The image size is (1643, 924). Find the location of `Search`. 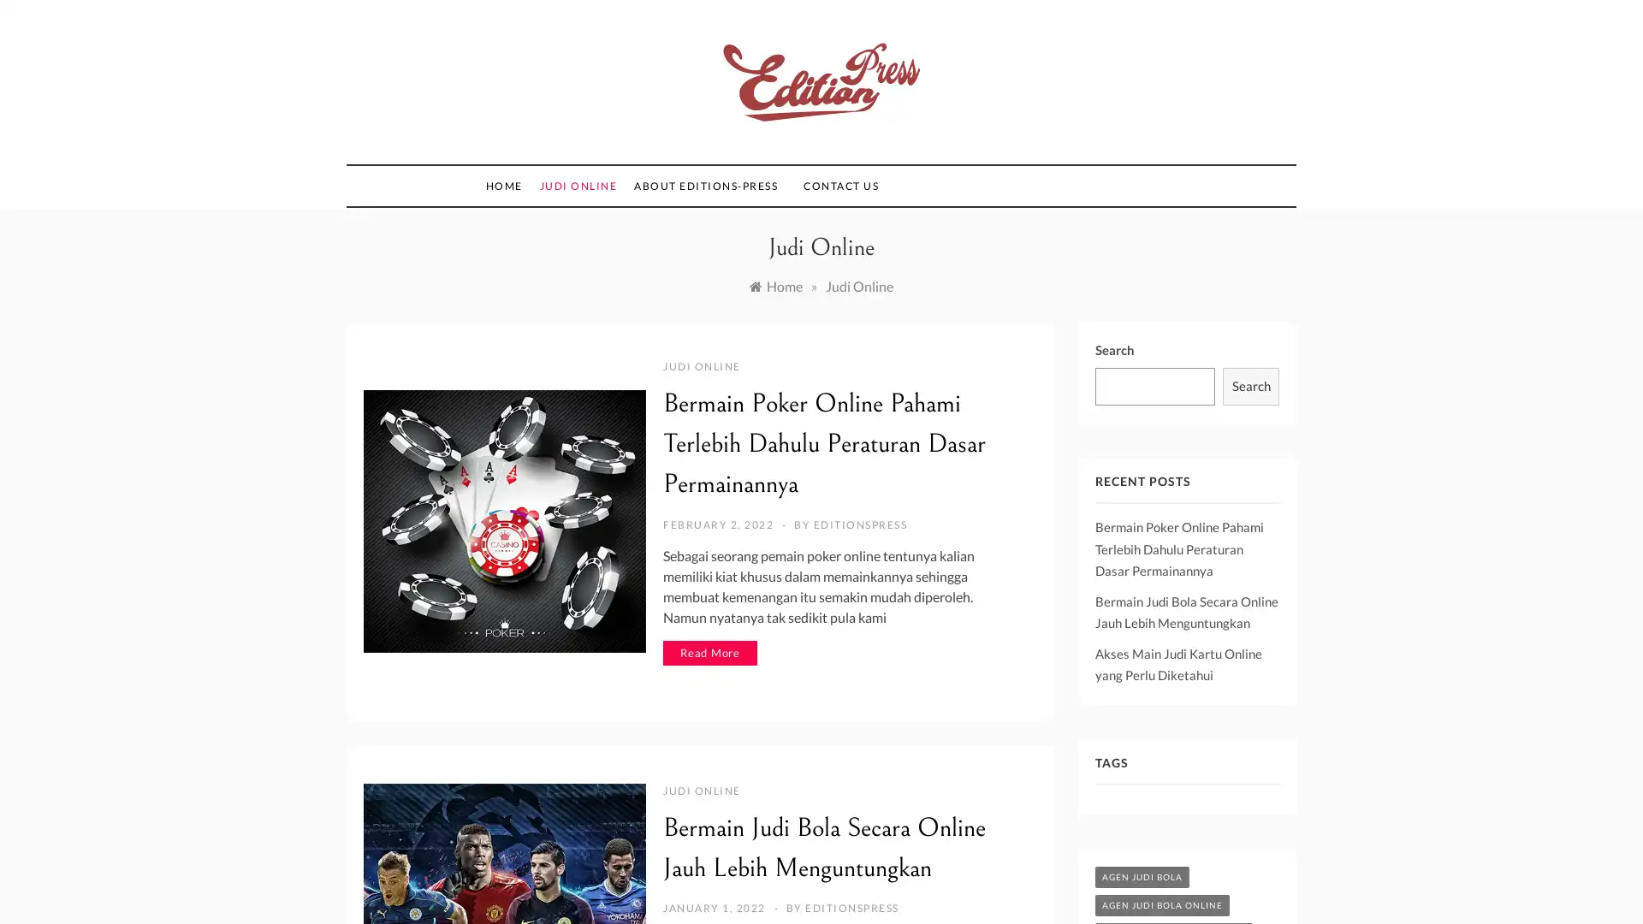

Search is located at coordinates (1251, 386).